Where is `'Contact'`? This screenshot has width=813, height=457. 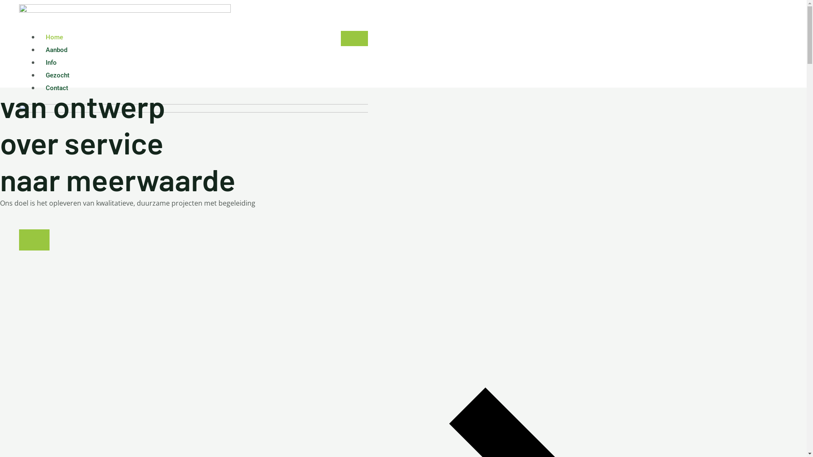 'Contact' is located at coordinates (56, 88).